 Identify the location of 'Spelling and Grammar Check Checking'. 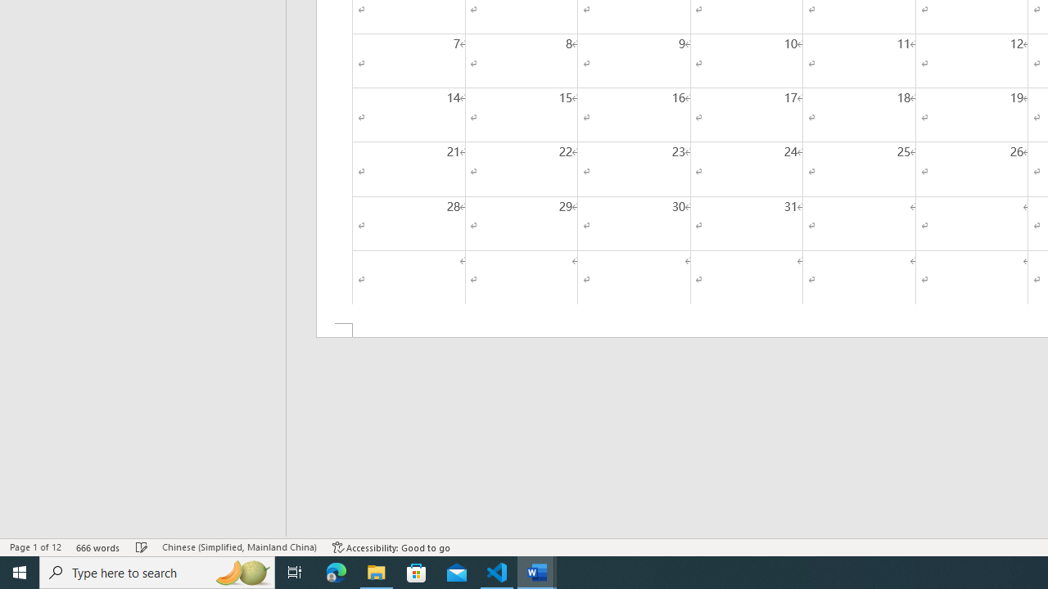
(142, 547).